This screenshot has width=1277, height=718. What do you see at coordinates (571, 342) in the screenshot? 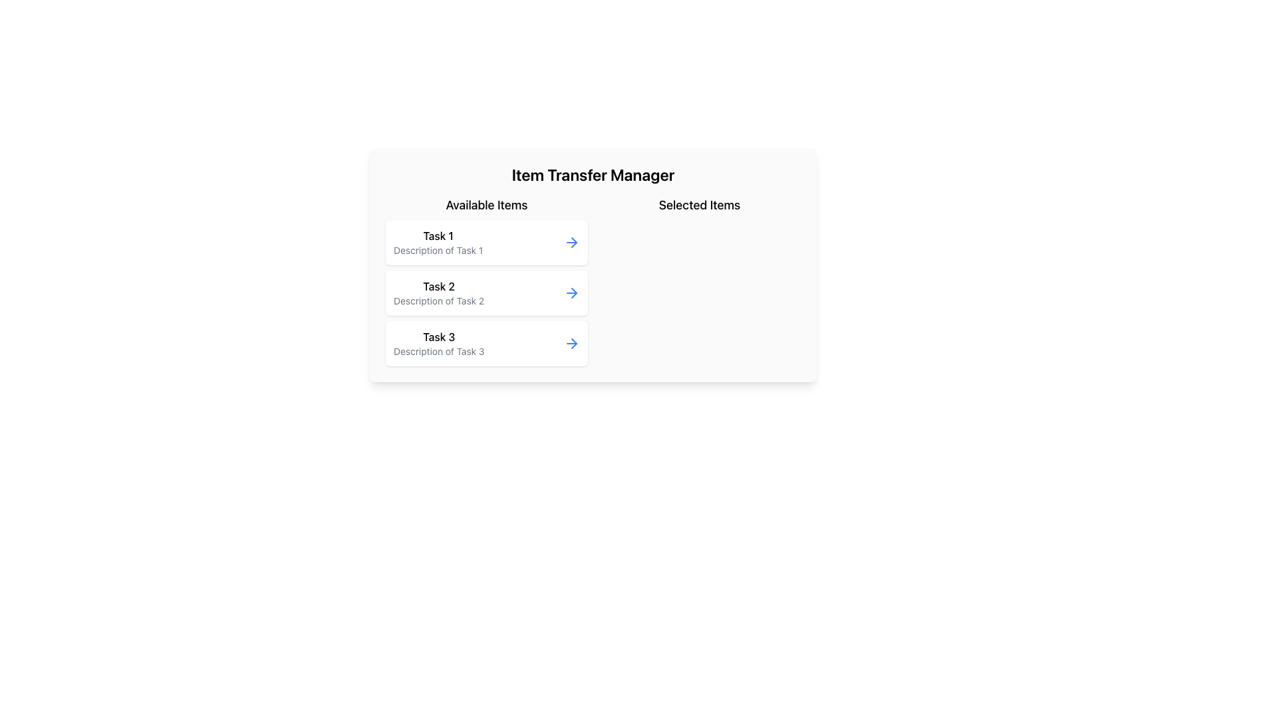
I see `the button located to the far right of the entry for 'Task 3' in the 'Available Items' column` at bounding box center [571, 342].